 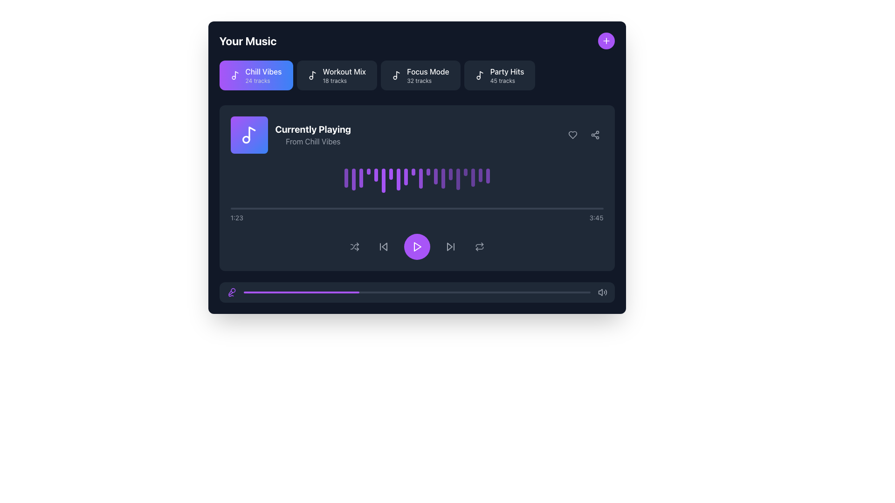 What do you see at coordinates (450, 246) in the screenshot?
I see `the 'Skip Forward' button, which is a gray icon resembling a forward-pointing triangle with a vertical line, located in the lower control area of the music playback interface` at bounding box center [450, 246].